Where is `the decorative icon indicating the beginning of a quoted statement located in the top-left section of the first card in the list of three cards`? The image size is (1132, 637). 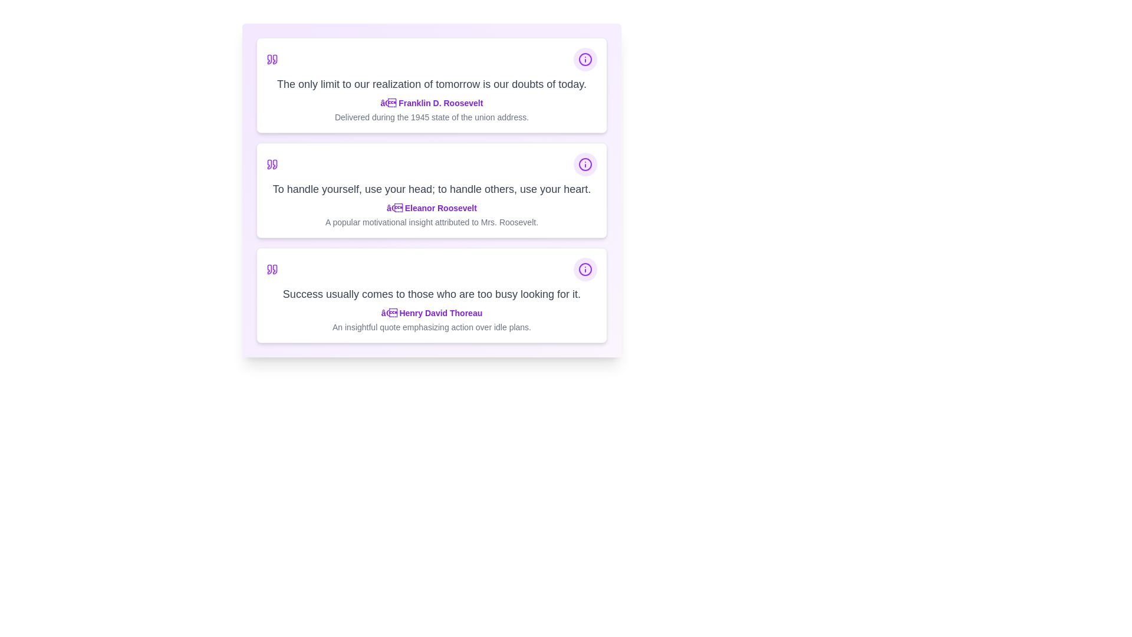
the decorative icon indicating the beginning of a quoted statement located in the top-left section of the first card in the list of three cards is located at coordinates (269, 59).